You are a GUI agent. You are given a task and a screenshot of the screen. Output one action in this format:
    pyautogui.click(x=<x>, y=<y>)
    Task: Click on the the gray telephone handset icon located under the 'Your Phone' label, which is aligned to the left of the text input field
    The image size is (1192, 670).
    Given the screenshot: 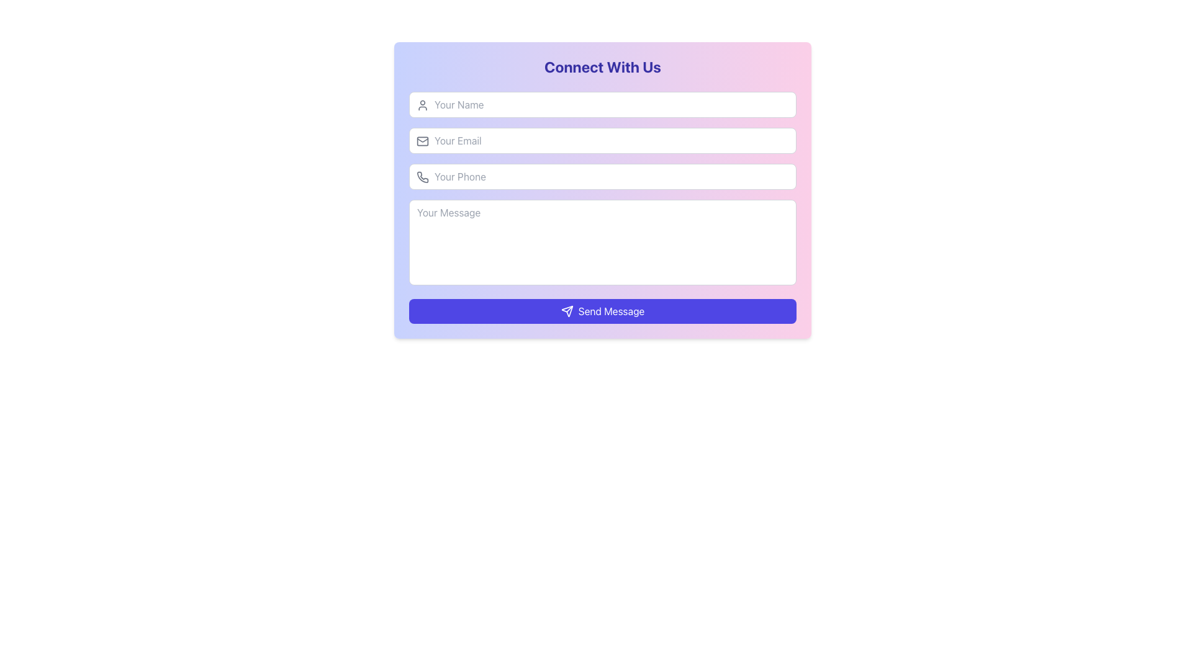 What is the action you would take?
    pyautogui.click(x=423, y=177)
    